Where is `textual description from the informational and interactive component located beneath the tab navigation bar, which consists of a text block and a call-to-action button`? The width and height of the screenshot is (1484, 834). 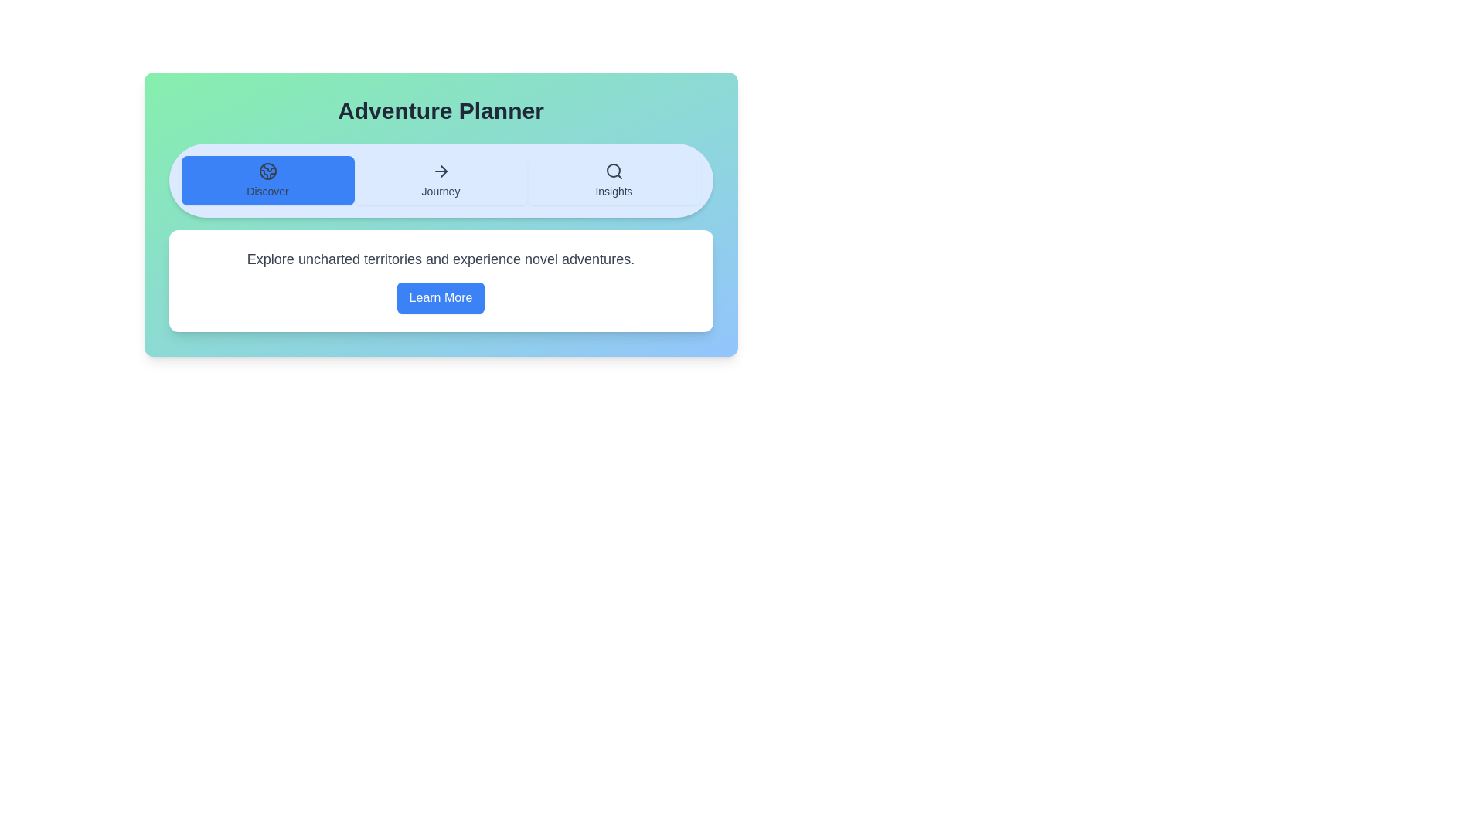
textual description from the informational and interactive component located beneath the tab navigation bar, which consists of a text block and a call-to-action button is located at coordinates (440, 280).